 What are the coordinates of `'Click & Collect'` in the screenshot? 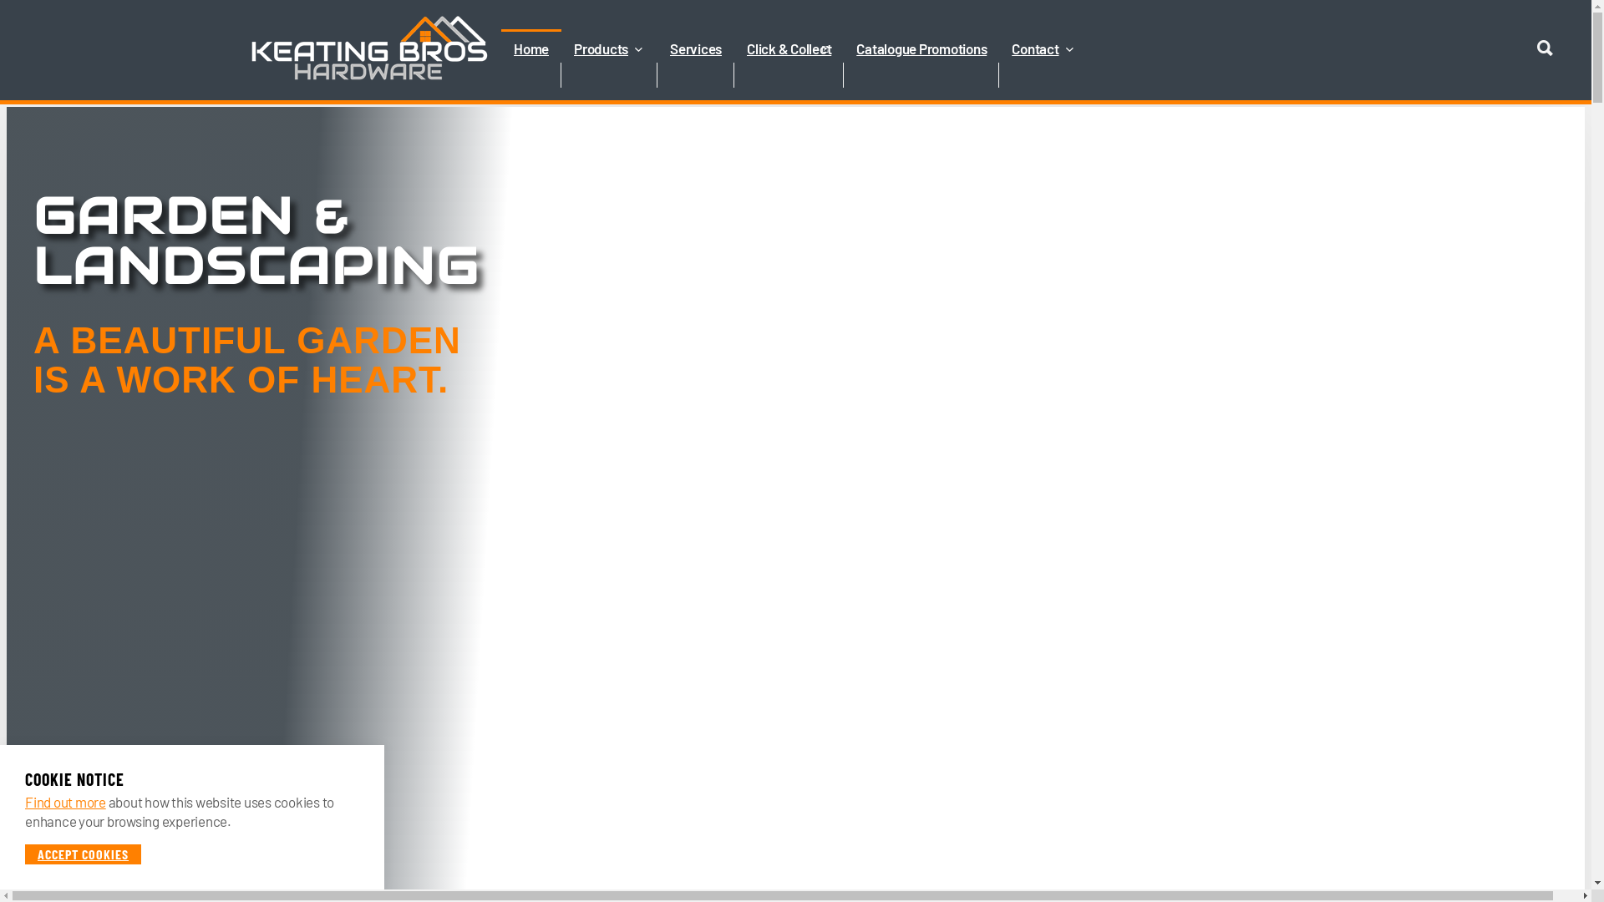 It's located at (788, 73).